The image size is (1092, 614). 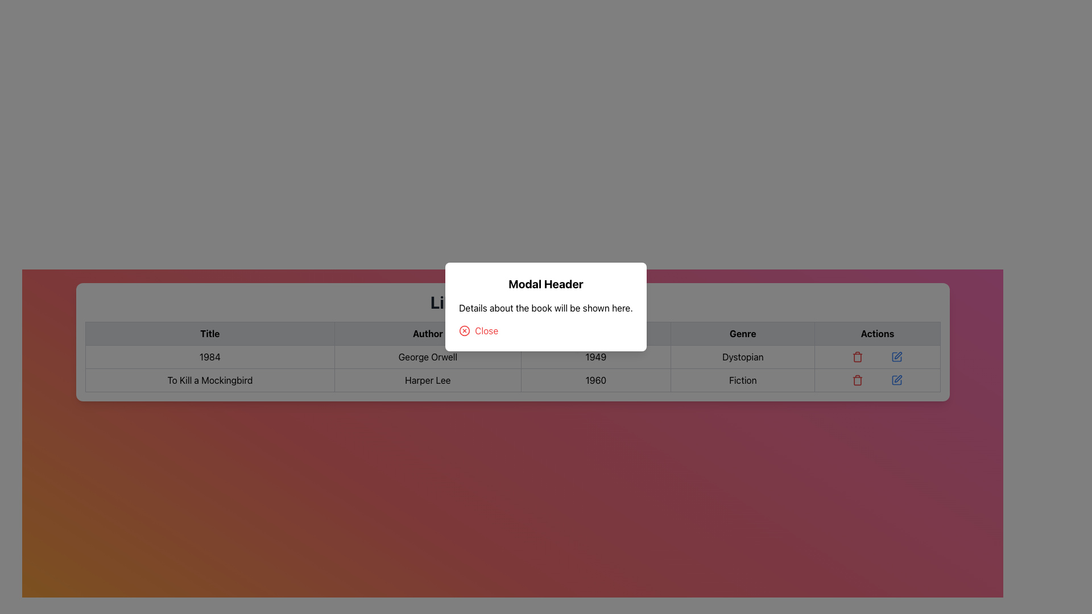 I want to click on the Separator element located in the 'Actions' column of the 'Fiction' row, which is horizontally centered between a red delete icon and a blue edit icon, so click(x=876, y=380).